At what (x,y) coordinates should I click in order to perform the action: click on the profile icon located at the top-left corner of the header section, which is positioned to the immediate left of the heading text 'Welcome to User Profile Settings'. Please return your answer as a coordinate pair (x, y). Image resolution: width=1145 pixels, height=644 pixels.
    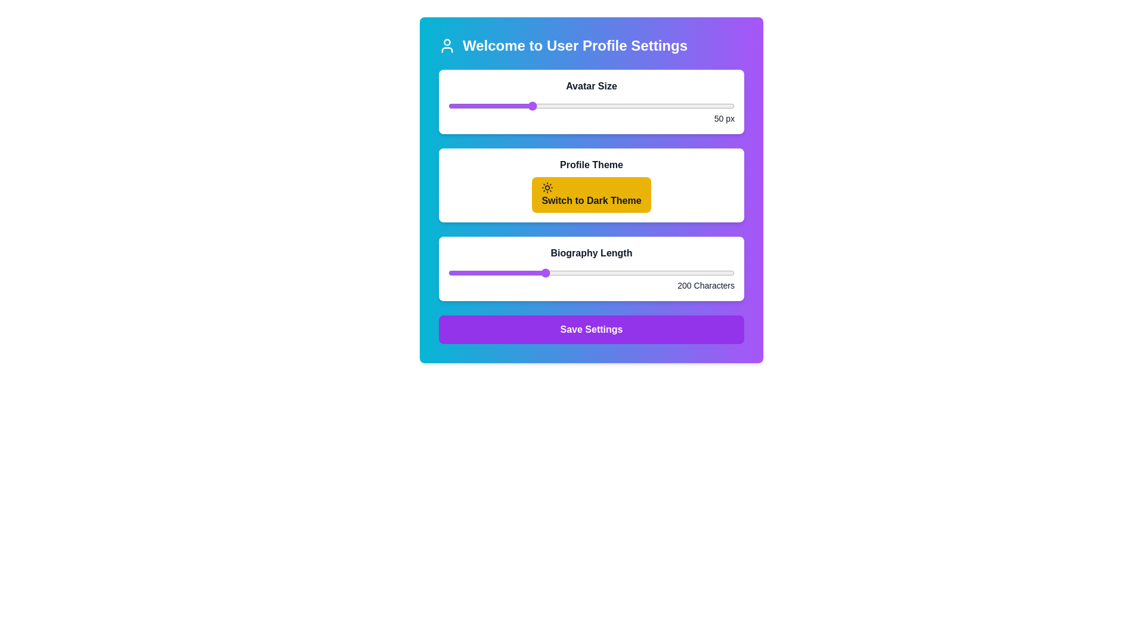
    Looking at the image, I should click on (446, 45).